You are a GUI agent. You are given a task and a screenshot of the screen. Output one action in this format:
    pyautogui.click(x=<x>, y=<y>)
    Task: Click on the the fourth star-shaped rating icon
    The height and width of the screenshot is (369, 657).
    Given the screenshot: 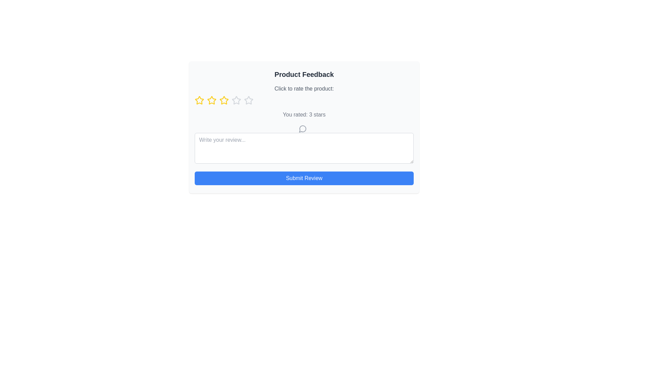 What is the action you would take?
    pyautogui.click(x=248, y=100)
    